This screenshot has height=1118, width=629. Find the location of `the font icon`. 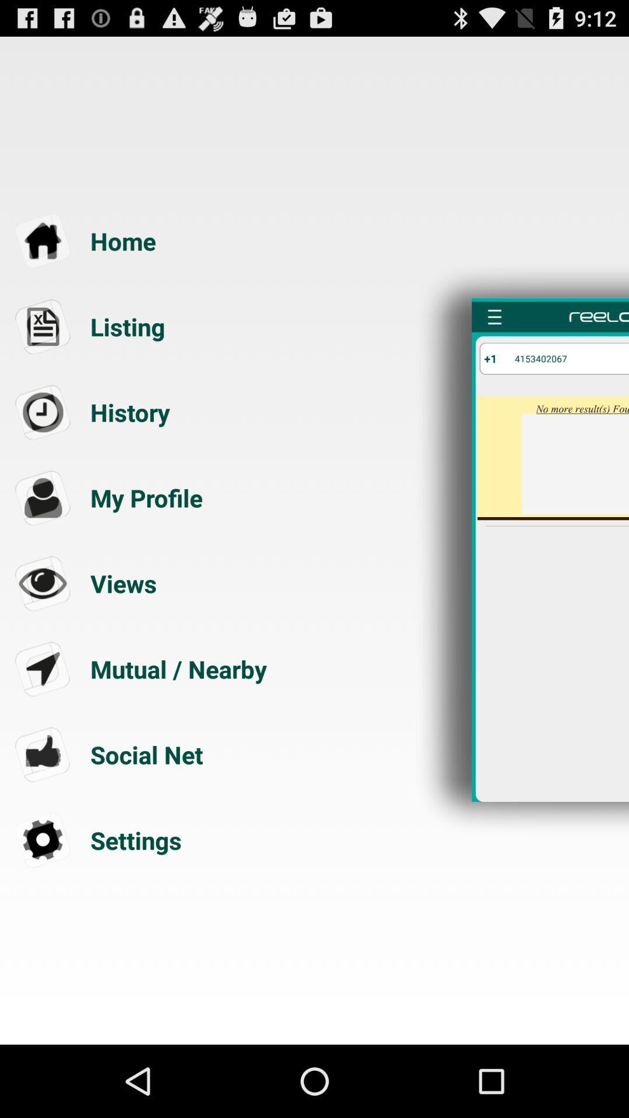

the font icon is located at coordinates (143, 532).